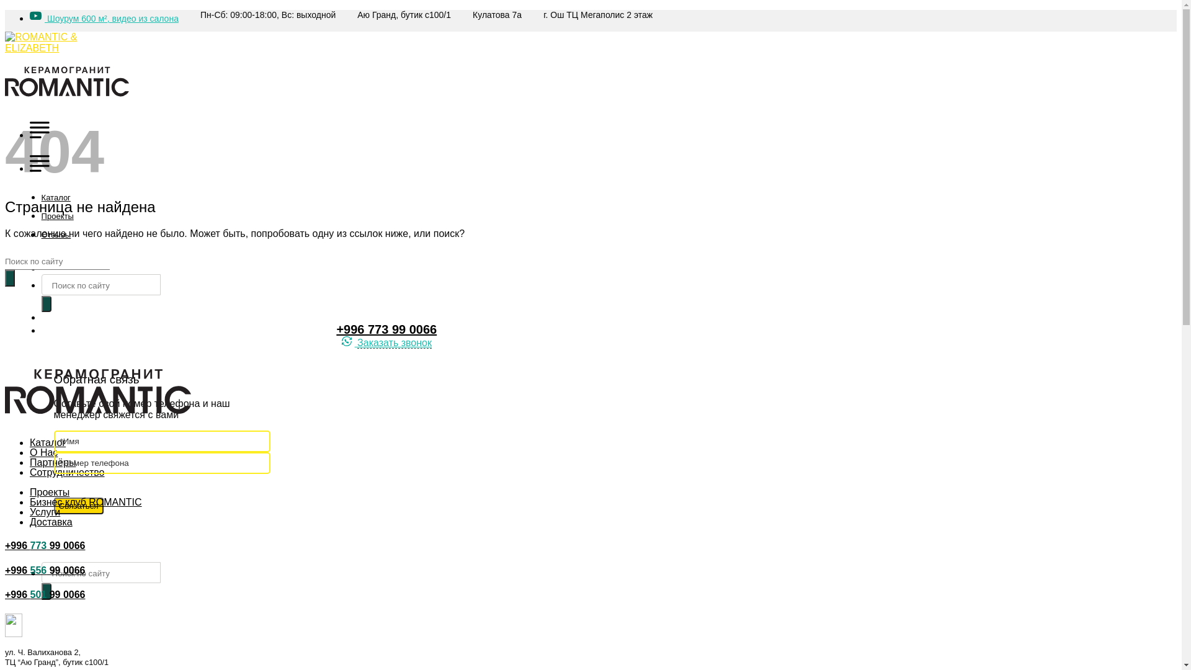 Image resolution: width=1191 pixels, height=670 pixels. I want to click on '+996 501 99 0066', so click(45, 594).